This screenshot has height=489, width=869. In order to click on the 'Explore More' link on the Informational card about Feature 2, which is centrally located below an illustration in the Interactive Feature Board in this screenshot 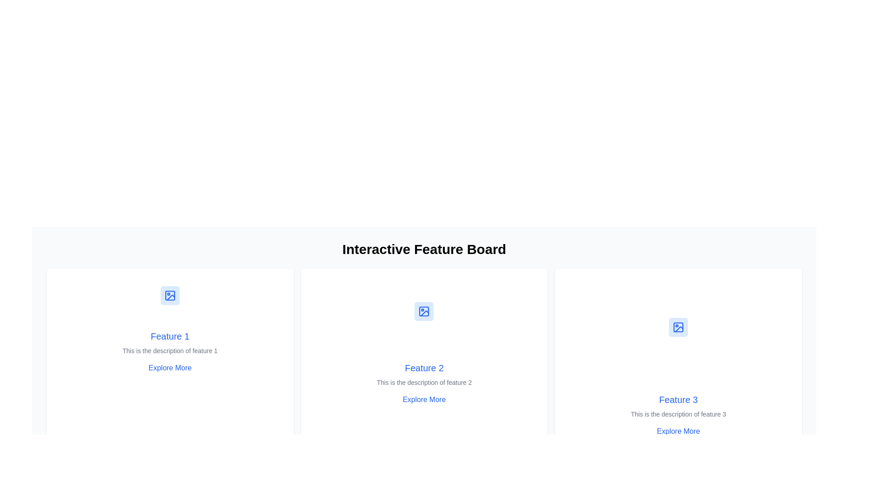, I will do `click(423, 384)`.